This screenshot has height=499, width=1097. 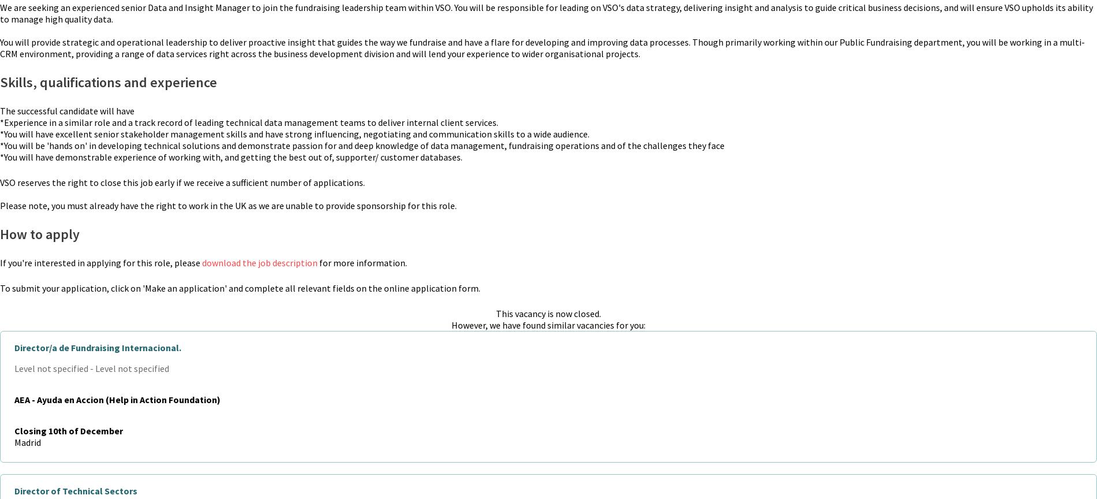 I want to click on 'Privacy policy', so click(x=860, y=311).